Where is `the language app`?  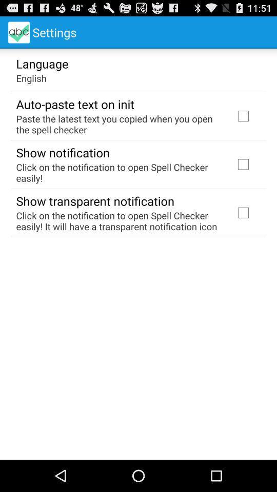 the language app is located at coordinates (42, 63).